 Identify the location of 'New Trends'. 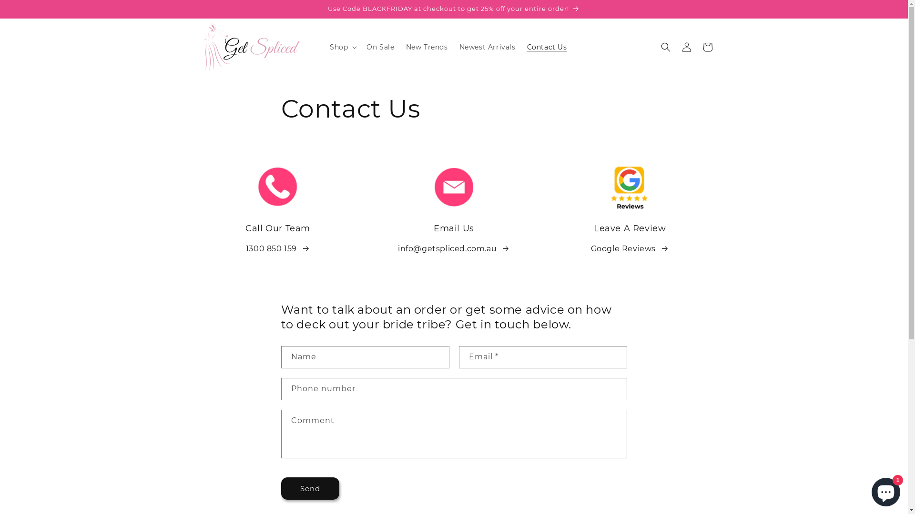
(400, 47).